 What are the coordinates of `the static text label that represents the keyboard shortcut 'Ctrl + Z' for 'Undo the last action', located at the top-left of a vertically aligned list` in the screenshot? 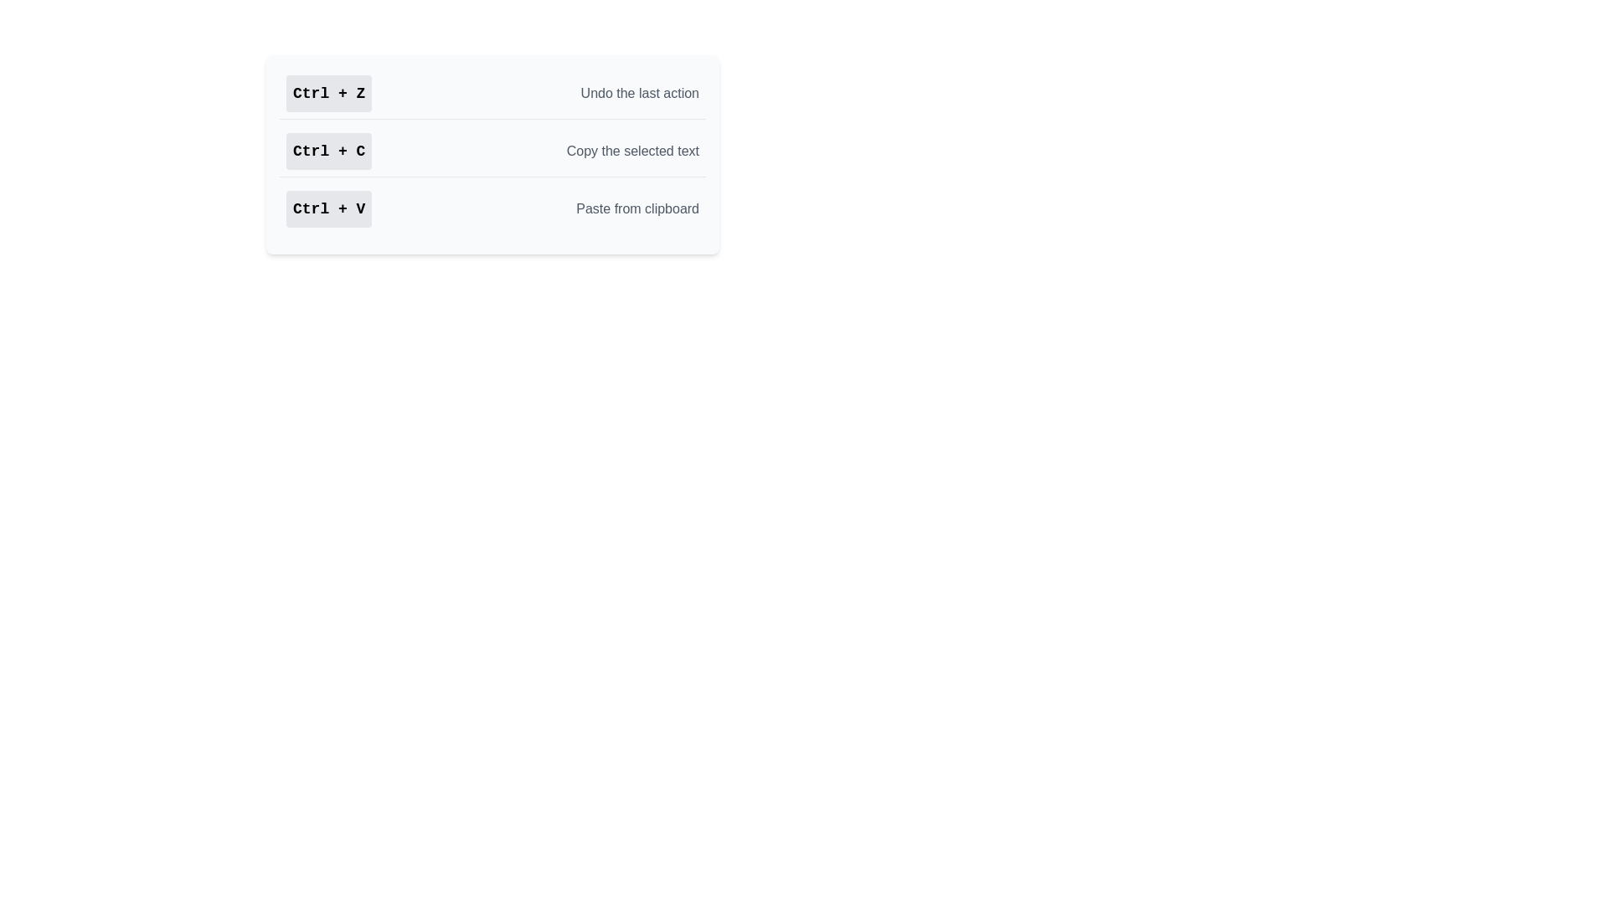 It's located at (329, 93).